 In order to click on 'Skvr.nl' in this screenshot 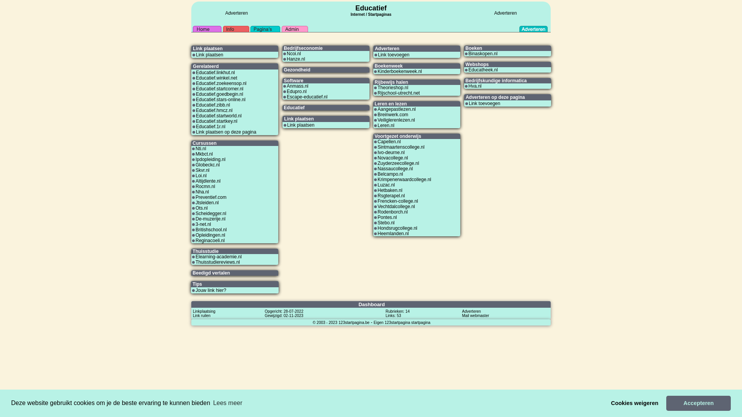, I will do `click(202, 170)`.